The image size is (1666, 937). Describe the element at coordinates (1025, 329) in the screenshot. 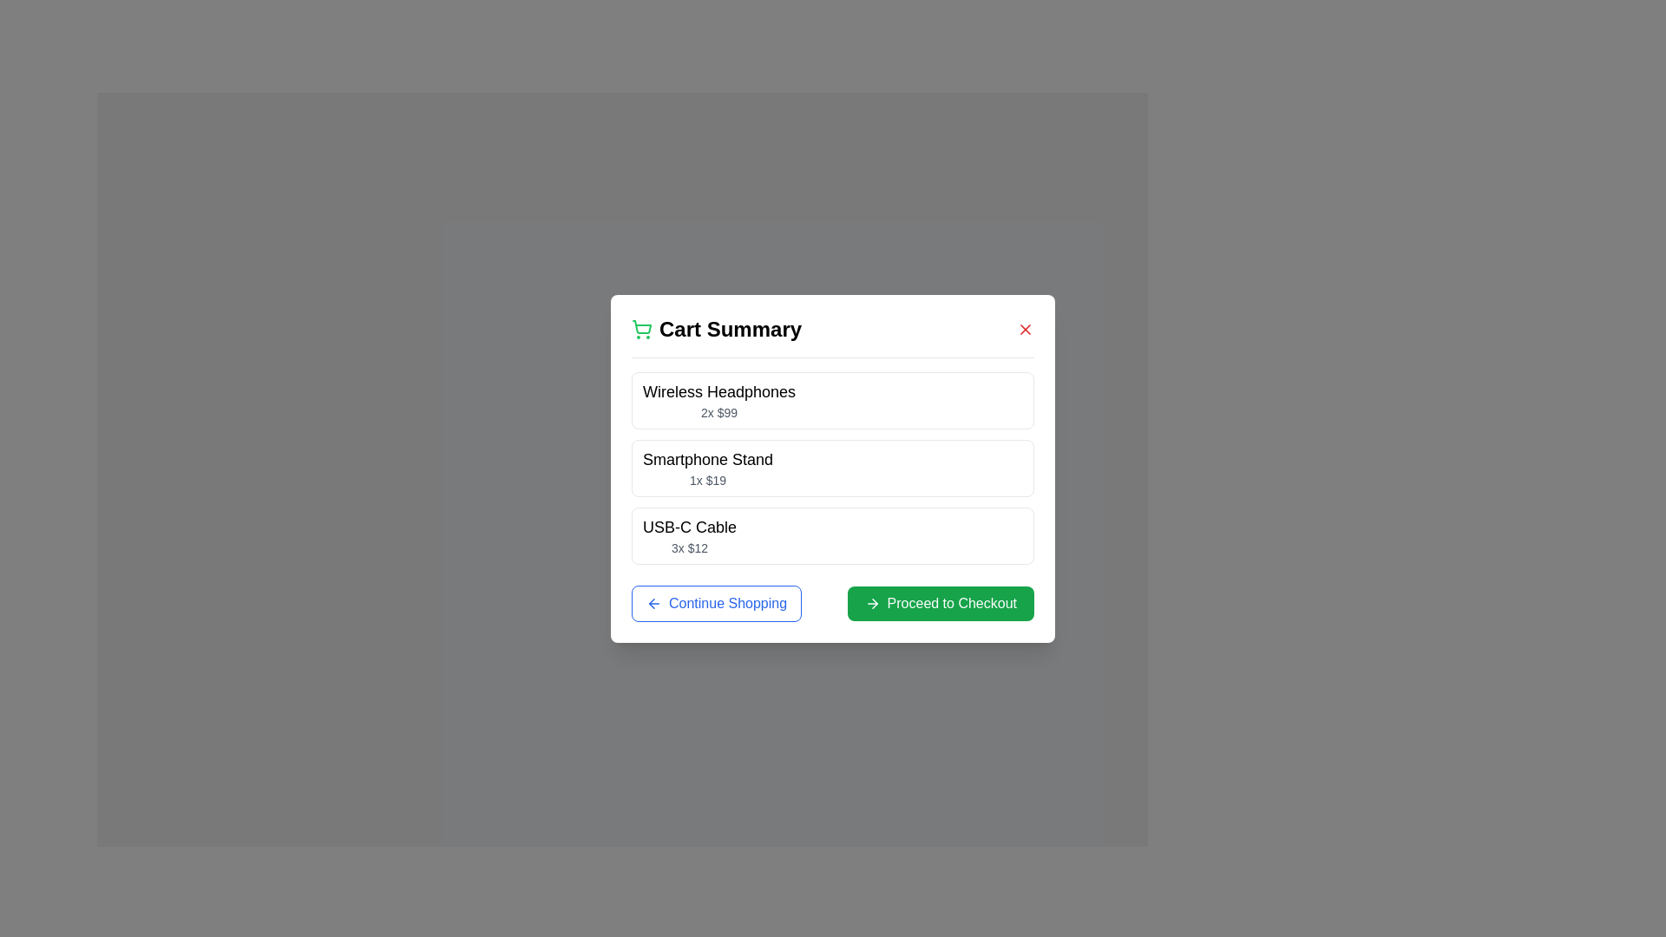

I see `the distinct red close button located in the top-right corner of the 'Cart Summary' dialog box to possibly reveal a tooltip` at that location.